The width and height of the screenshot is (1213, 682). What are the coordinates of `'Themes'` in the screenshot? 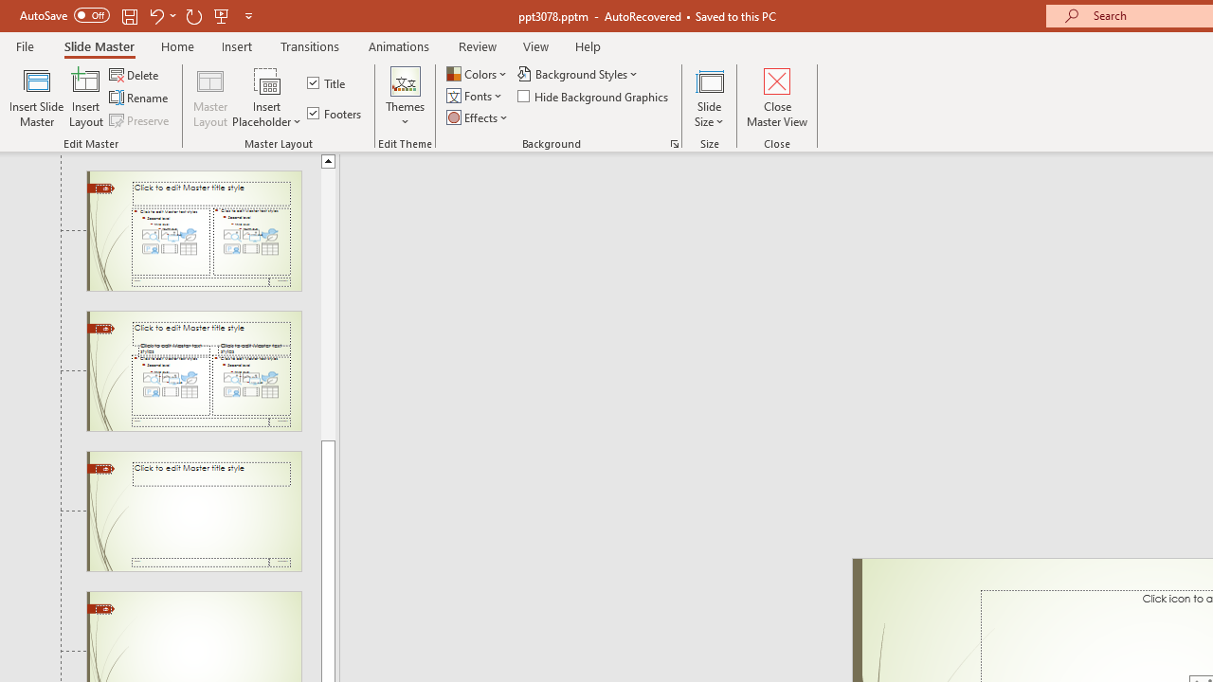 It's located at (404, 98).